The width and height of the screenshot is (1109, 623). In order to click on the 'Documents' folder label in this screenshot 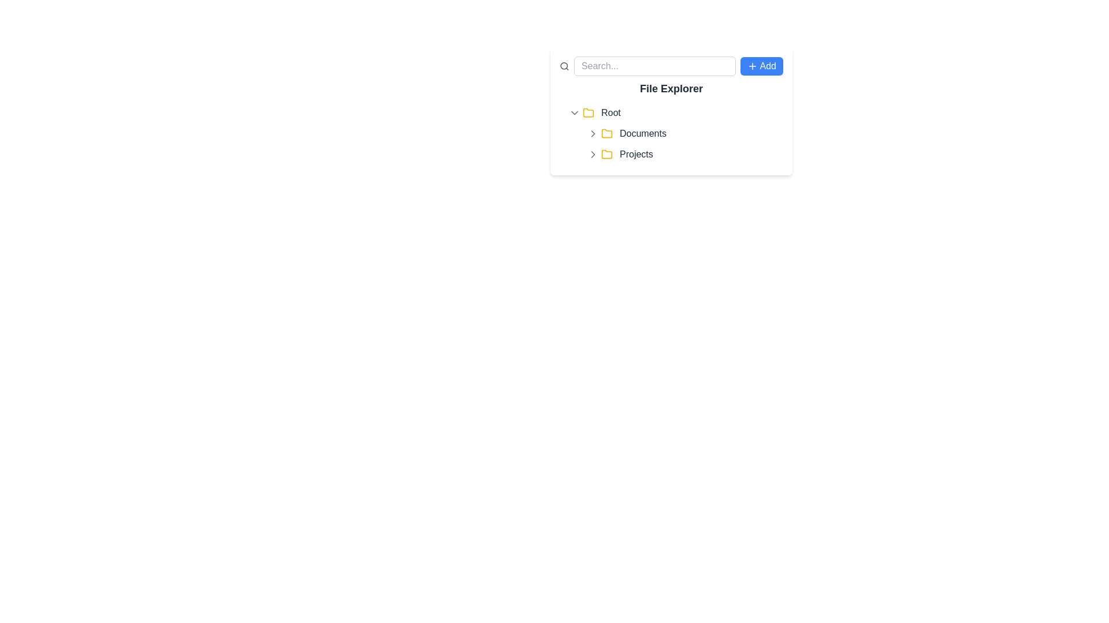, I will do `click(642, 133)`.